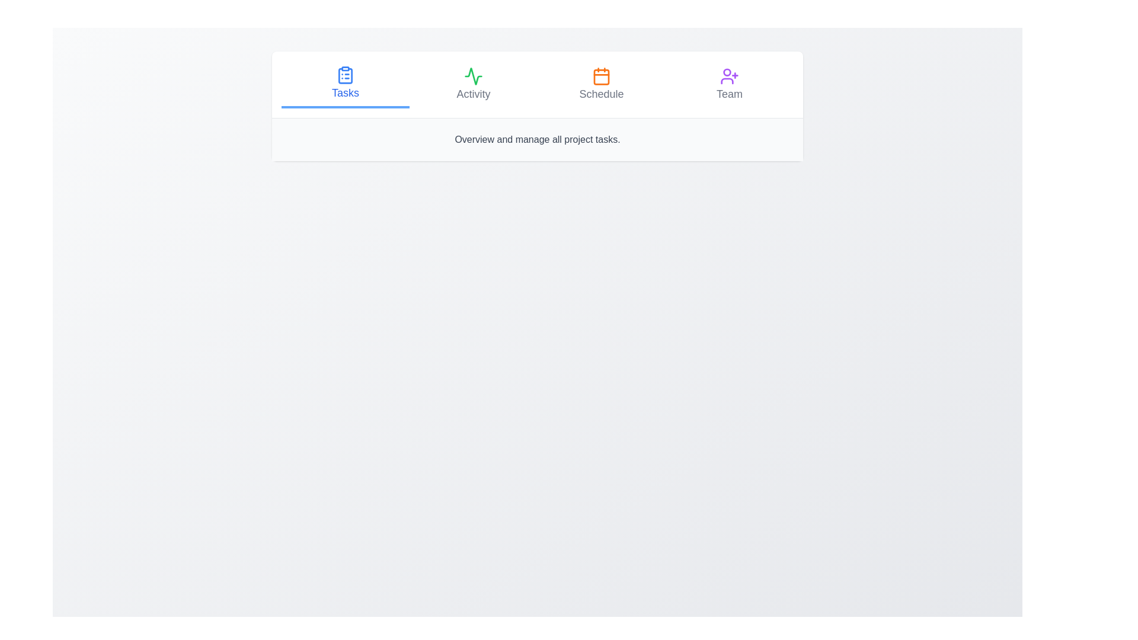  I want to click on the tab icon corresponding to Tasks, so click(344, 75).